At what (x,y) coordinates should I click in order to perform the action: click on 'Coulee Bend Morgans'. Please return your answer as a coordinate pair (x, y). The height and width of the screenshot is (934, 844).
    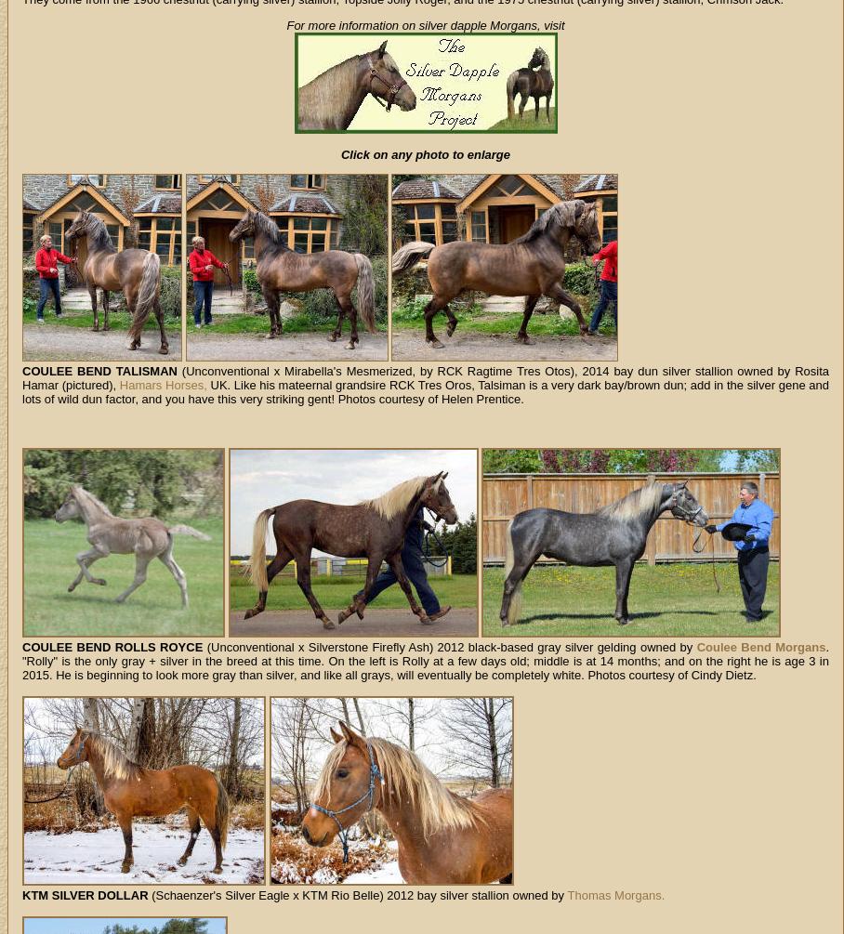
    Looking at the image, I should click on (760, 647).